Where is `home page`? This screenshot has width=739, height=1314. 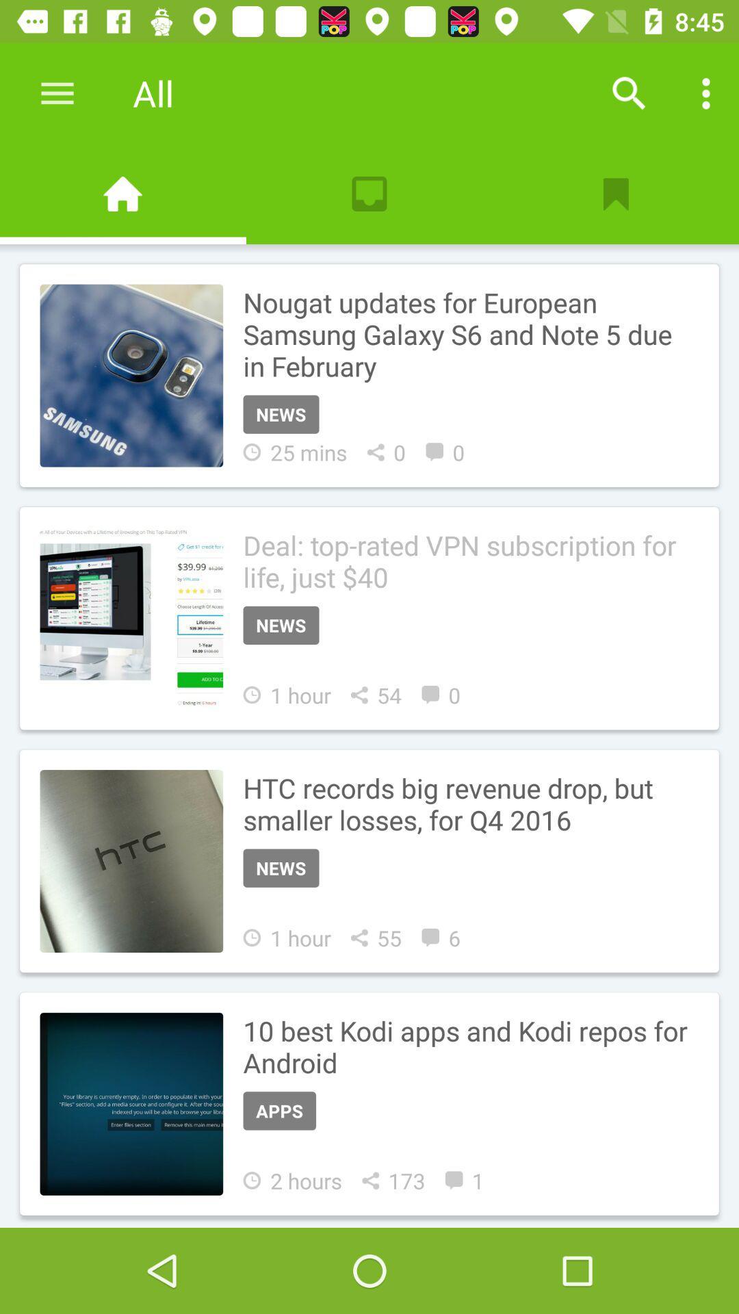
home page is located at coordinates (123, 193).